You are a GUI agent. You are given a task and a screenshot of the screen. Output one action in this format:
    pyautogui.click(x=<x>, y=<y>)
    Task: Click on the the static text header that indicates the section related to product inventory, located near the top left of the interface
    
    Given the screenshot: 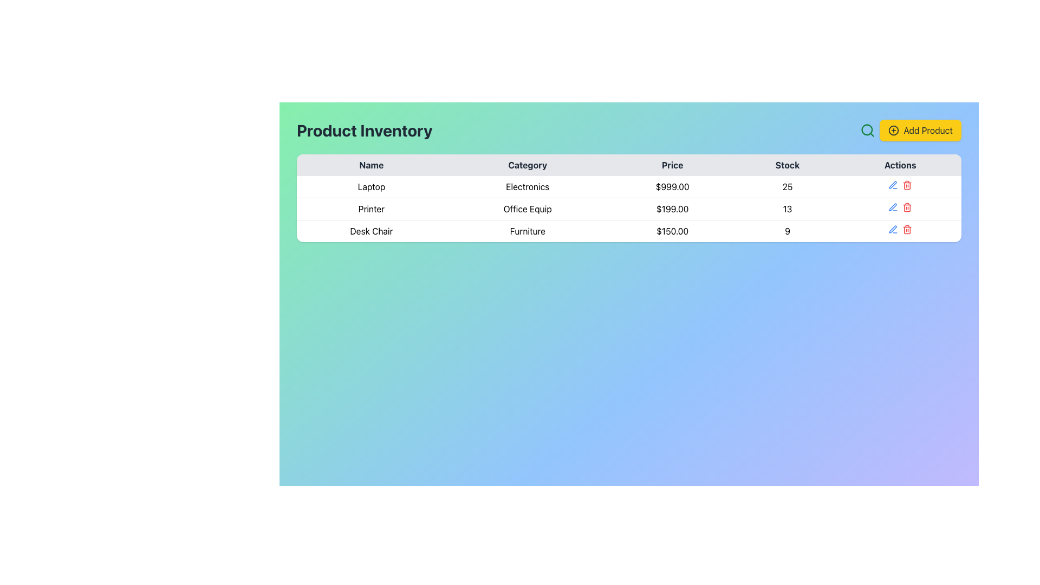 What is the action you would take?
    pyautogui.click(x=365, y=129)
    